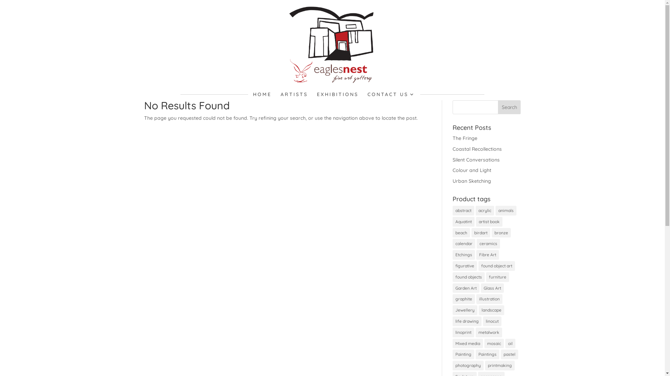  I want to click on 'Urban Sketching', so click(472, 181).